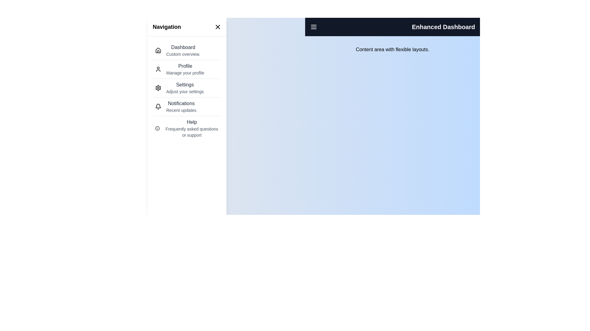  I want to click on the upper portion of the composite house icon representing the 'Dashboard' menu item, so click(158, 50).